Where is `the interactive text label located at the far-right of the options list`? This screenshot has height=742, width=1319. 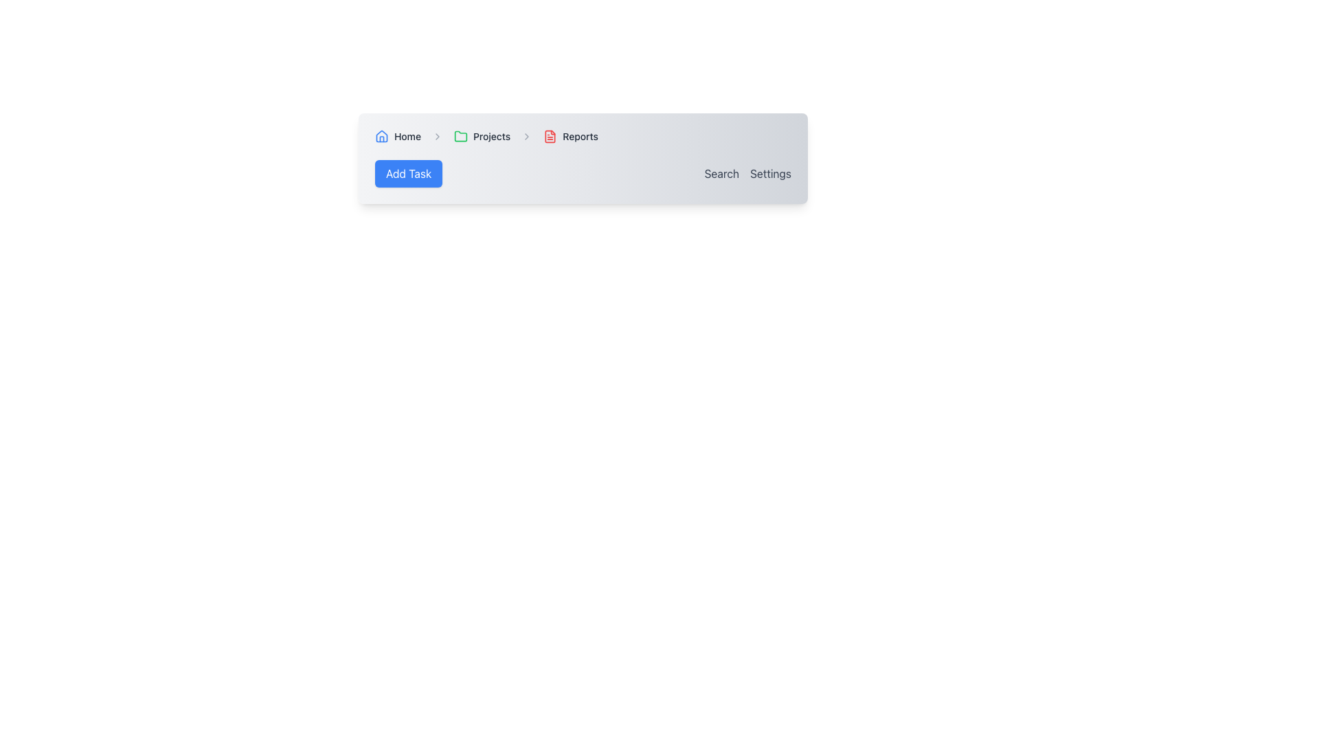 the interactive text label located at the far-right of the options list is located at coordinates (771, 173).